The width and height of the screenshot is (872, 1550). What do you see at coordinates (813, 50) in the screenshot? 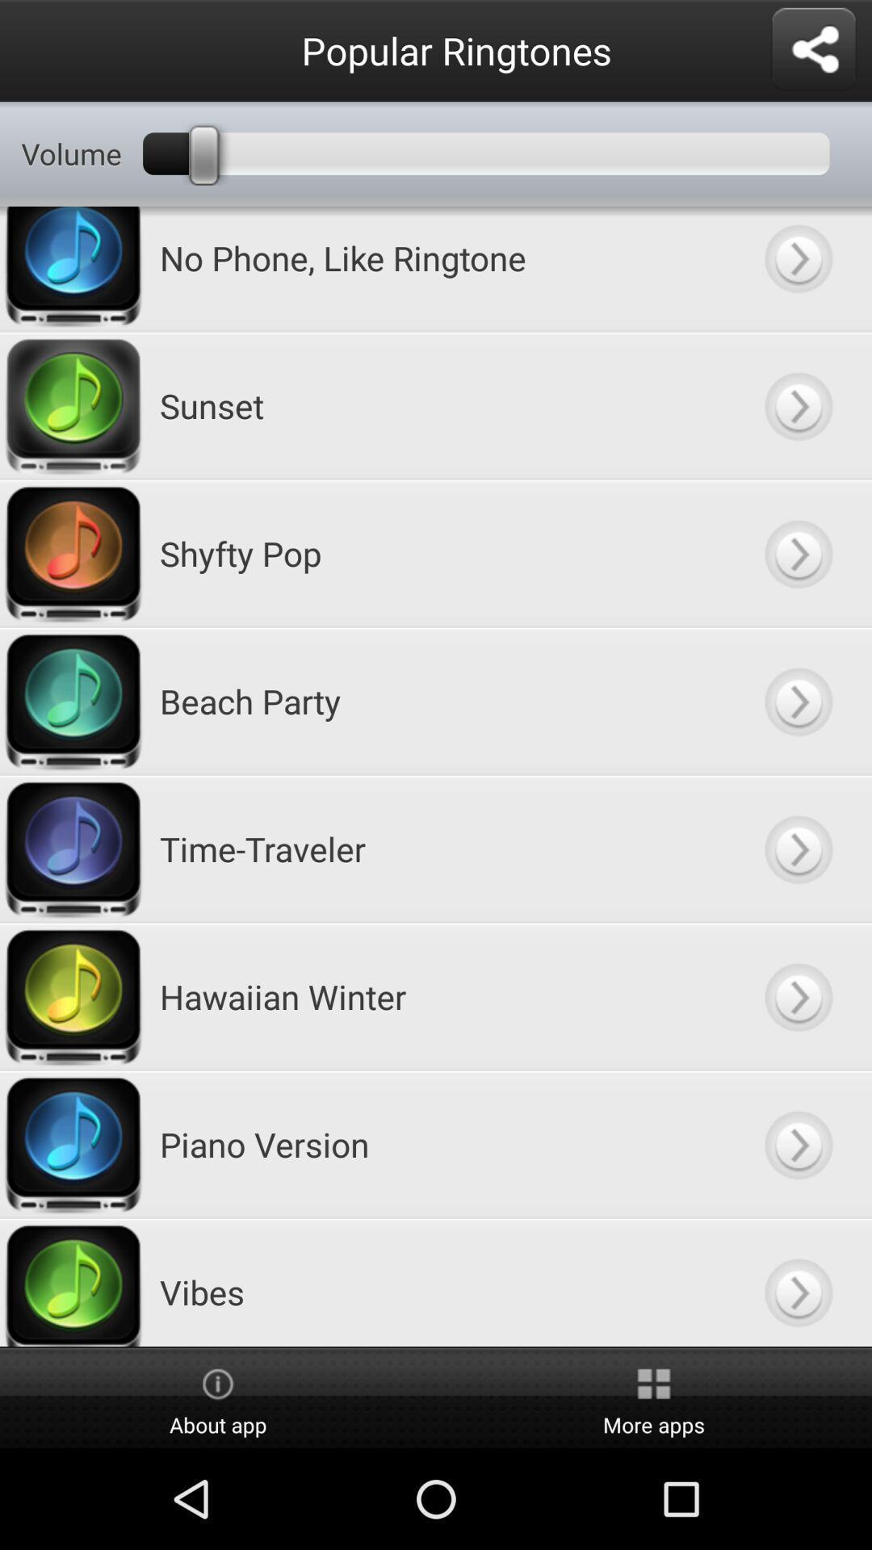
I see `share the app` at bounding box center [813, 50].